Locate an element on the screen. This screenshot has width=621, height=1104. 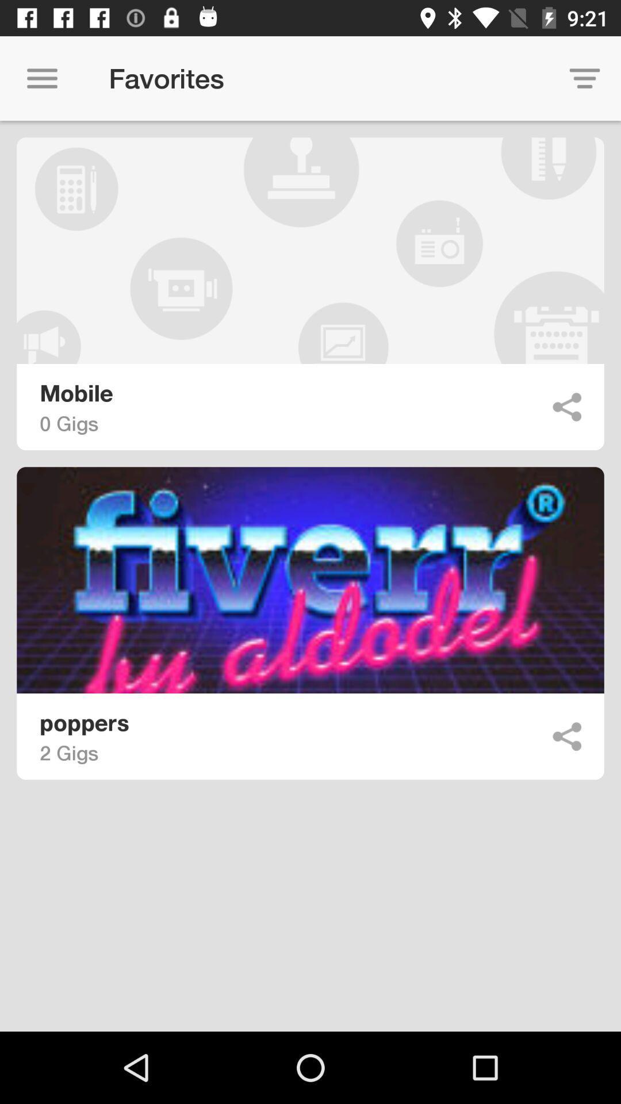
go back is located at coordinates (566, 737).